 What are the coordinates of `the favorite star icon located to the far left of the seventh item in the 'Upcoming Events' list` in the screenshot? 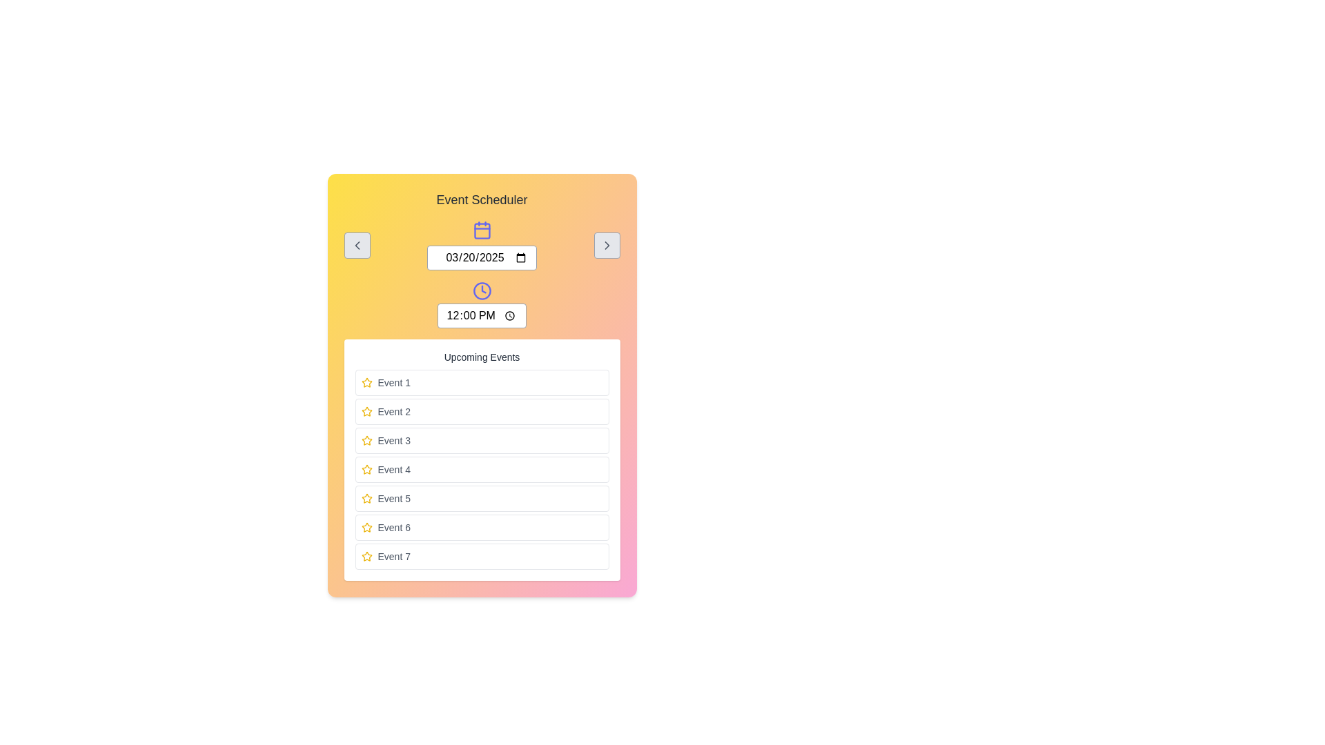 It's located at (366, 555).